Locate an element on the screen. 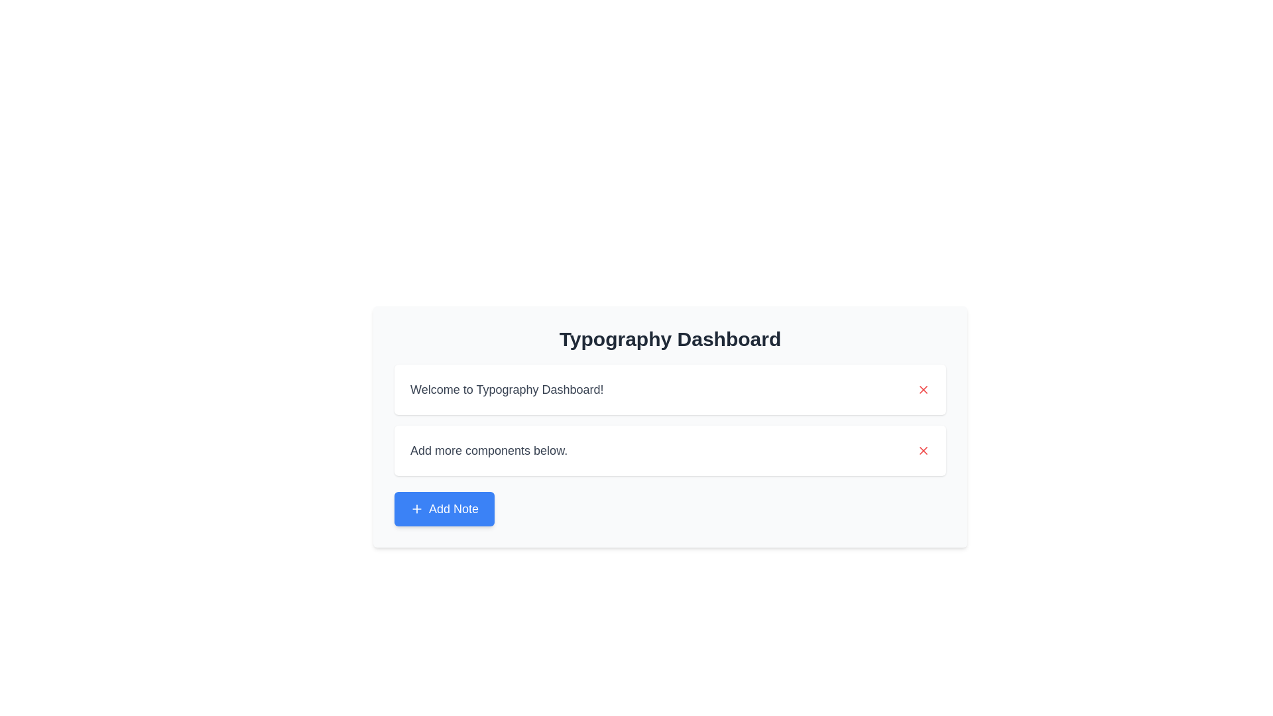  the static text element that serves as an informational label prompting users to add new components, located below the header 'Typography Dashboard' is located at coordinates (488, 449).